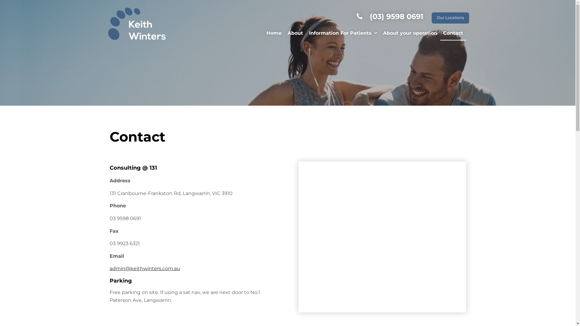 This screenshot has width=580, height=326. What do you see at coordinates (450, 18) in the screenshot?
I see `'Our Locations'` at bounding box center [450, 18].